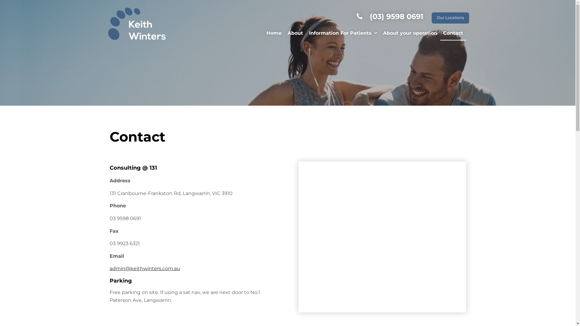 This screenshot has width=580, height=326. What do you see at coordinates (450, 18) in the screenshot?
I see `'Our Locations'` at bounding box center [450, 18].